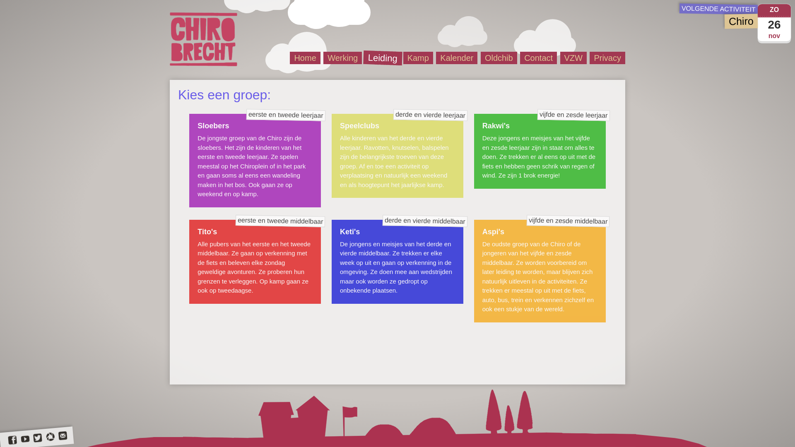  Describe the element at coordinates (24, 439) in the screenshot. I see `'Chiro Brecht op YouTube'` at that location.